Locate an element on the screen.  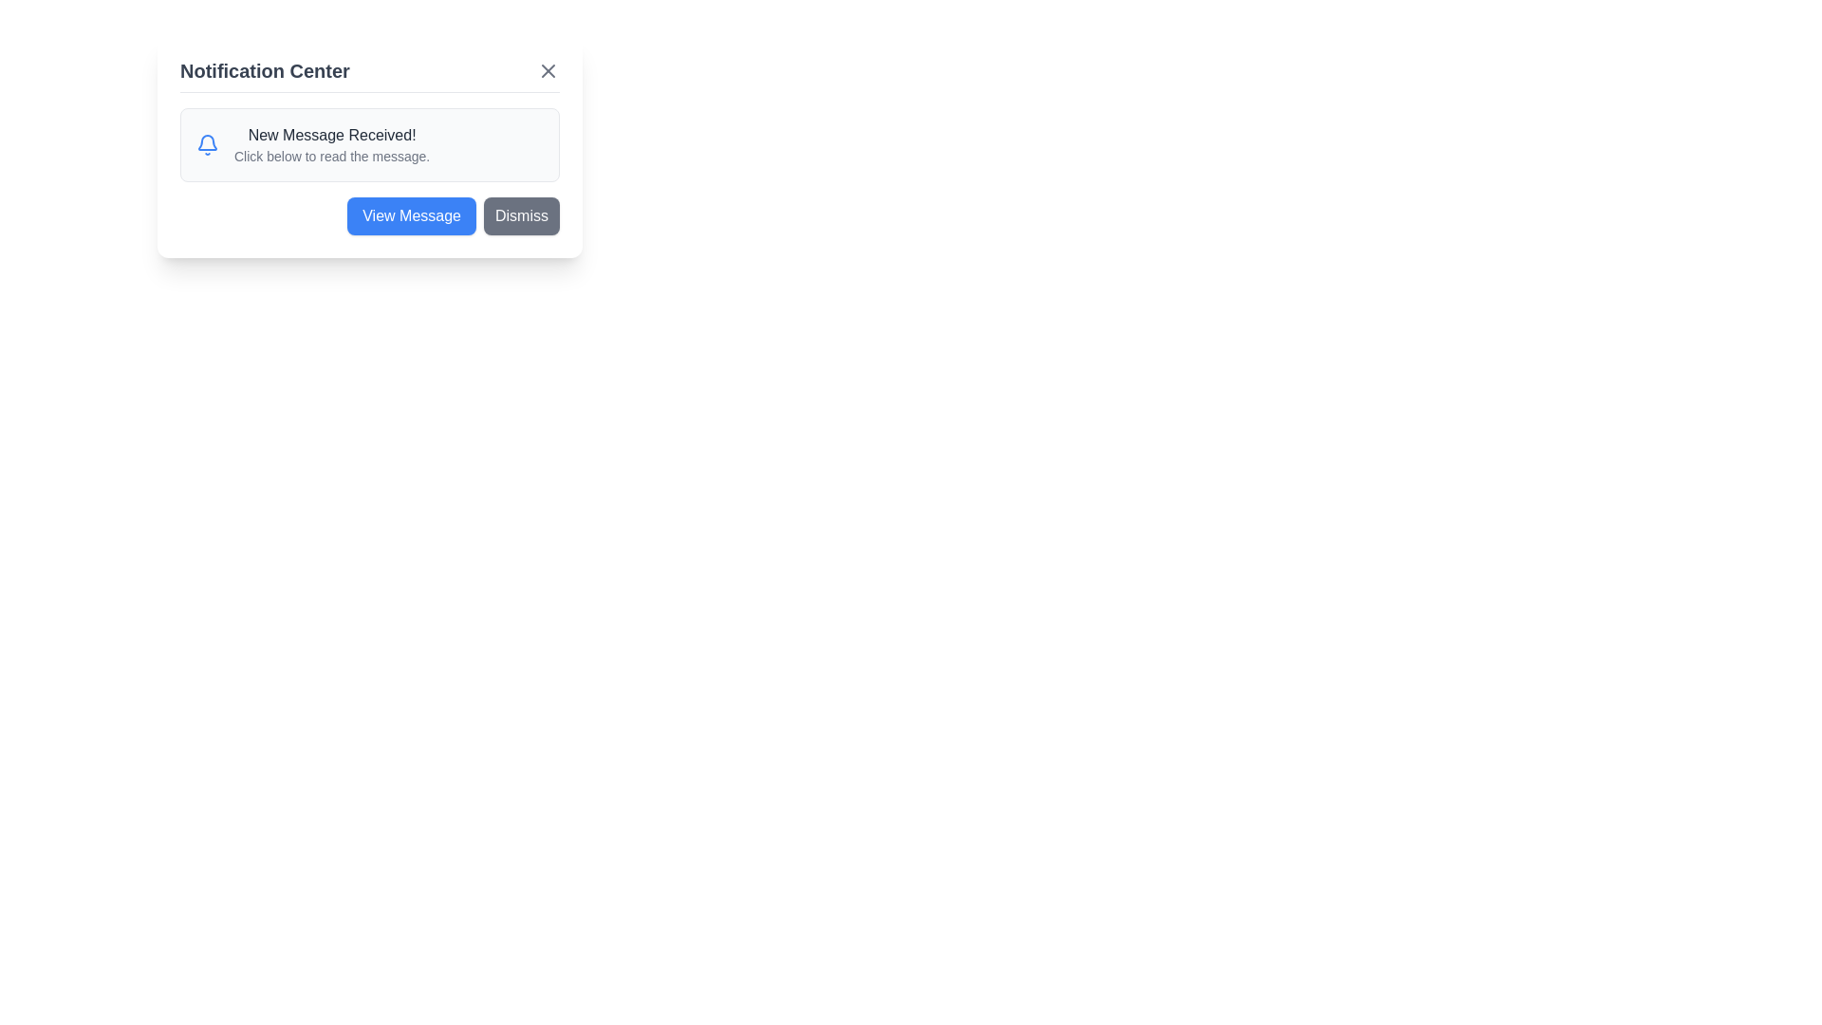
the button that allows the user is located at coordinates (411, 214).